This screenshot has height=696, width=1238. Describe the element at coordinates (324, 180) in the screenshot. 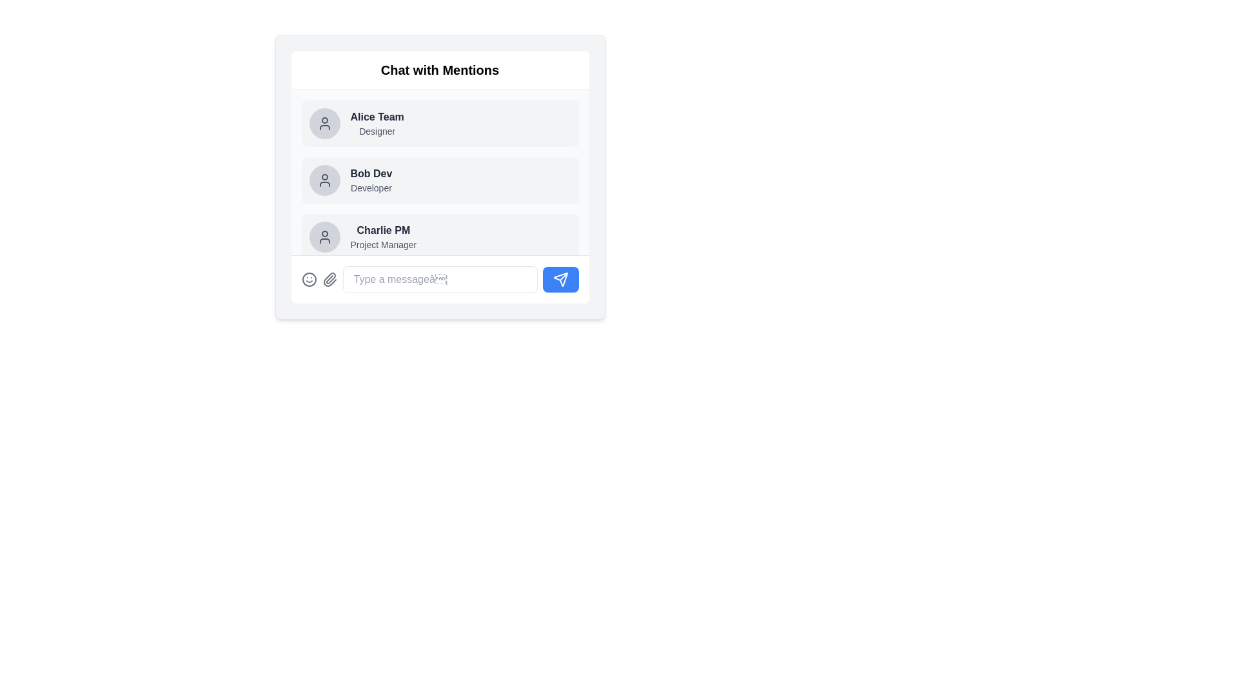

I see `the Avatar Icon representing 'Bob Dev, Developer' which has a circular shape with a light gray background and a user silhouette in darker gray` at that location.